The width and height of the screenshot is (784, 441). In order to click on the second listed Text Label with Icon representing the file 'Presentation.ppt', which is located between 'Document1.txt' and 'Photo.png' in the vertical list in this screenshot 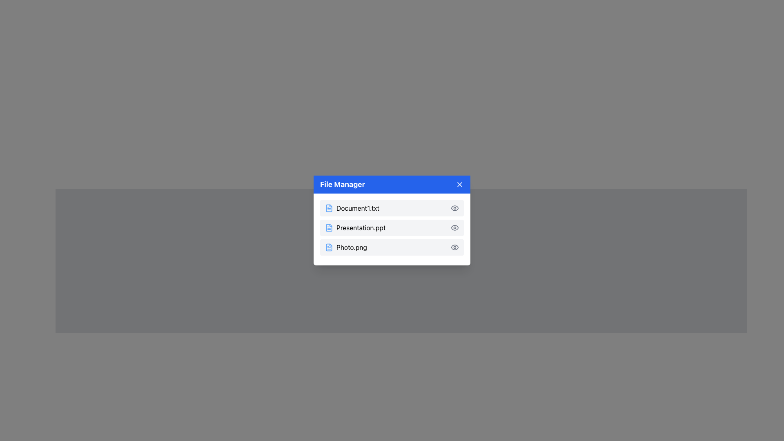, I will do `click(355, 228)`.